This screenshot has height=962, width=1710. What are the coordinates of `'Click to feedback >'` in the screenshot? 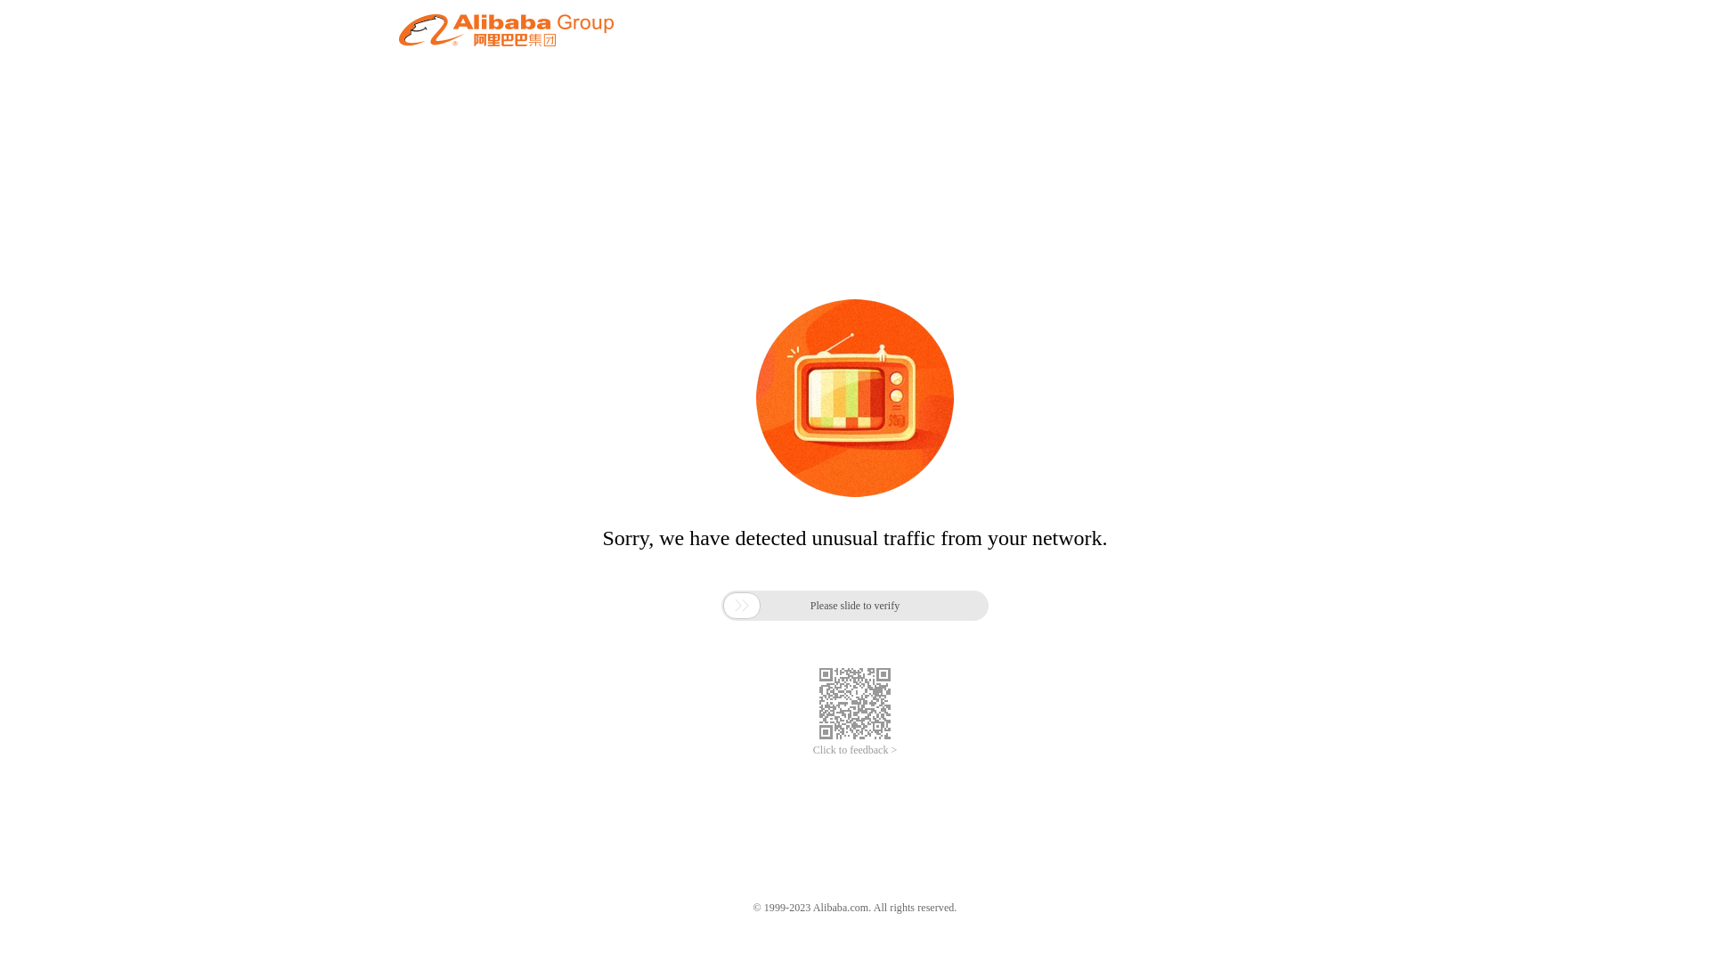 It's located at (811, 750).